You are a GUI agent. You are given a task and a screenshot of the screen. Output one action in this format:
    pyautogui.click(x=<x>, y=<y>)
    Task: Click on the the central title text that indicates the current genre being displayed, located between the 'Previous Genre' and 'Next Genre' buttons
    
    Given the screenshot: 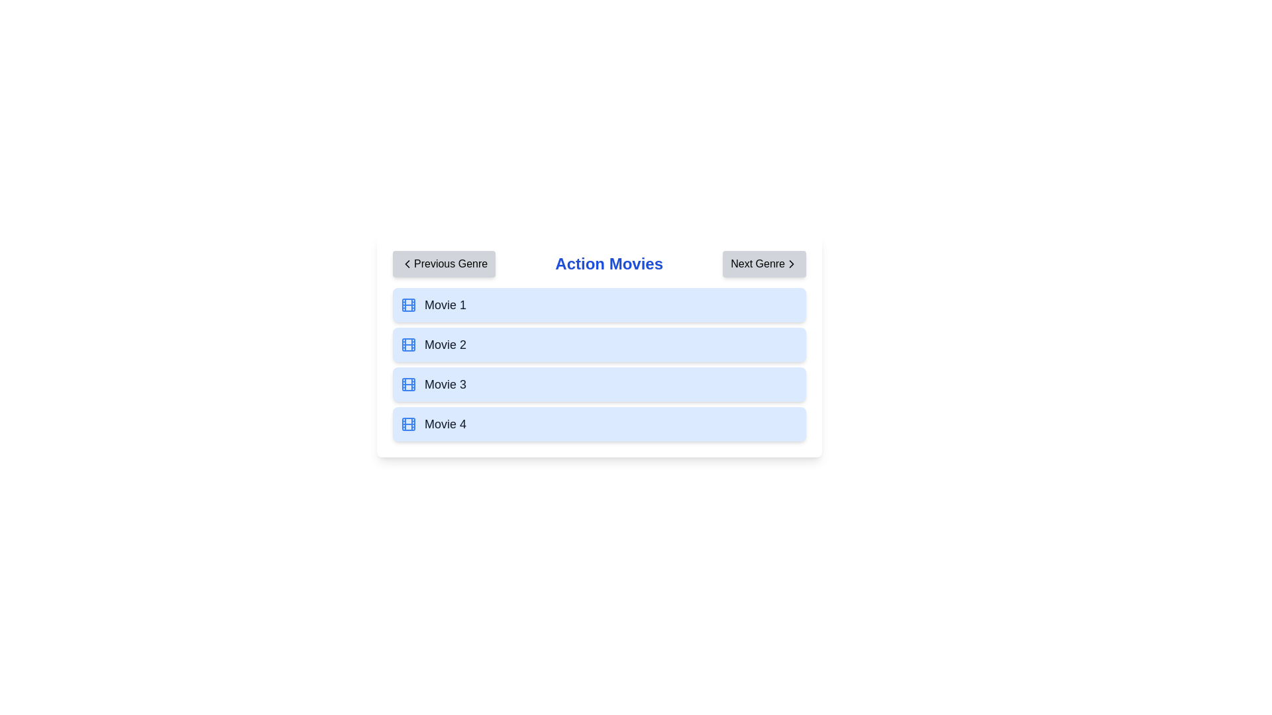 What is the action you would take?
    pyautogui.click(x=608, y=263)
    